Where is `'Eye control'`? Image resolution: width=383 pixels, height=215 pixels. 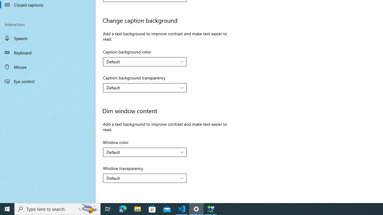 'Eye control' is located at coordinates (48, 81).